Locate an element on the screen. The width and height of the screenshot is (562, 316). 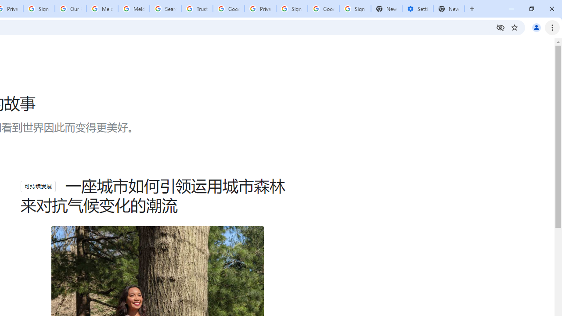
'Settings - Addresses and more' is located at coordinates (417, 9).